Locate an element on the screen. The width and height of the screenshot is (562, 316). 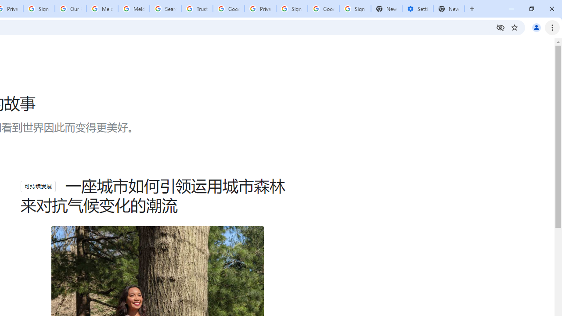
'Settings - Addresses and more' is located at coordinates (417, 9).